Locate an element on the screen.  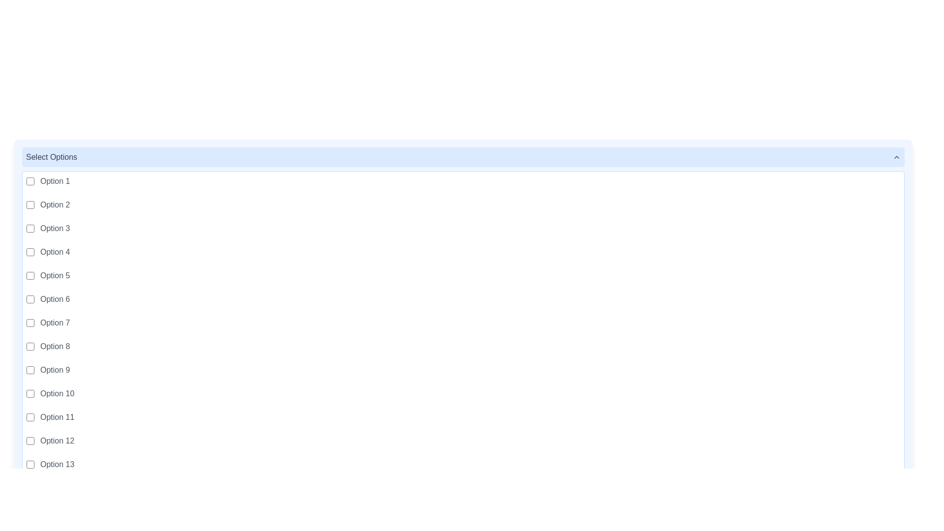
the Text Label that describes the first checkbox, labeled 'Option 1', which is positioned to the right of the leftmost checkbox in the options list is located at coordinates (55, 181).